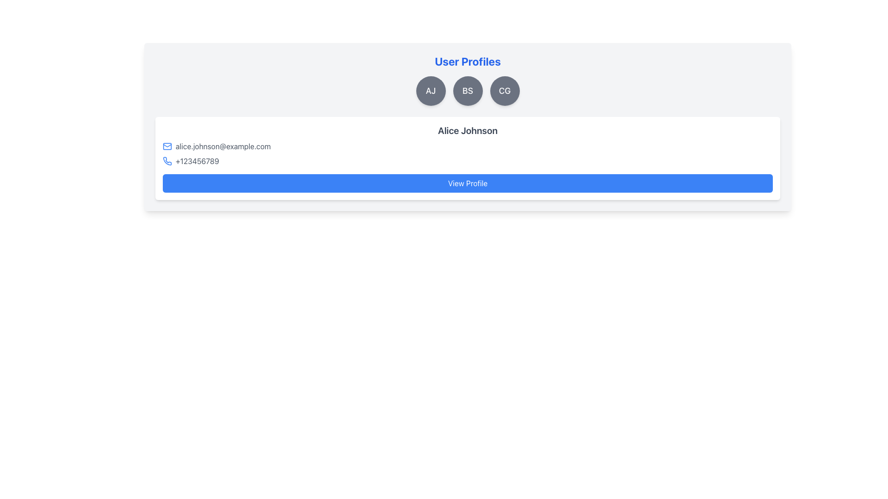  Describe the element at coordinates (167, 146) in the screenshot. I see `the small blue envelope icon located to the left of the email address 'alice.johnson@example.com'` at that location.